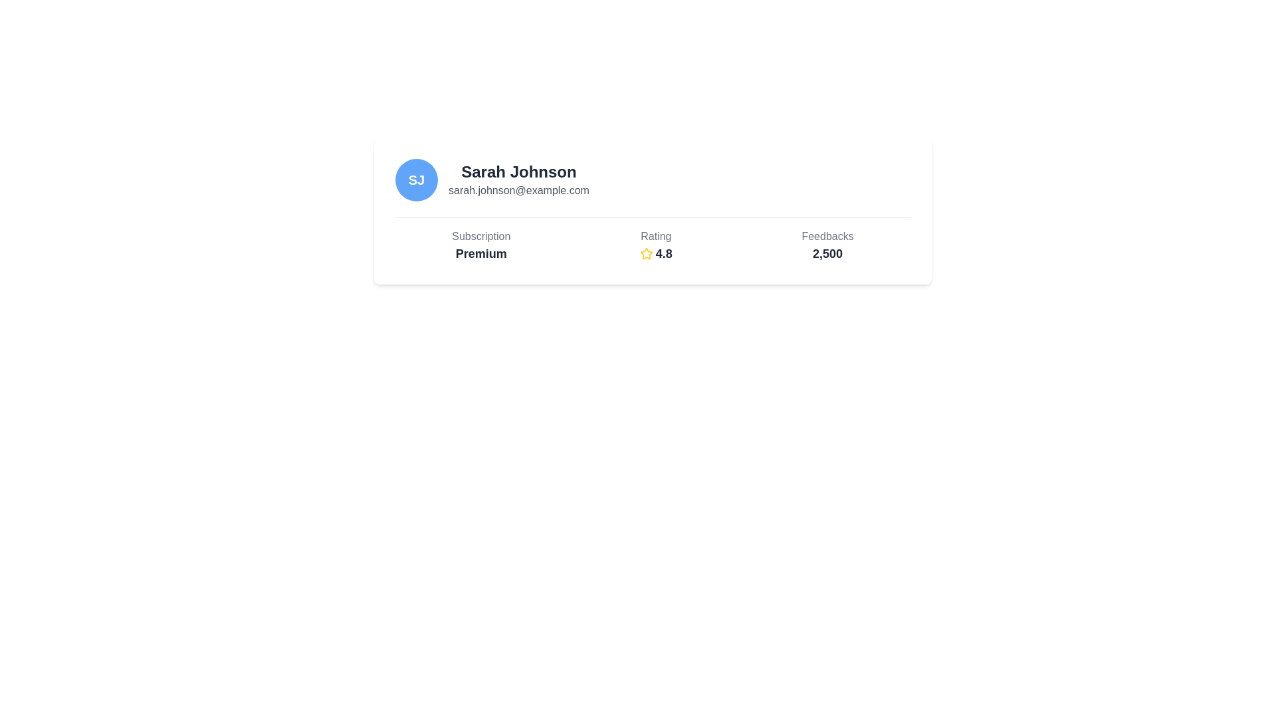 Image resolution: width=1276 pixels, height=718 pixels. What do you see at coordinates (664, 253) in the screenshot?
I see `the text label displaying the numeric rating '4.8' in bold font, located to the right of a star icon in the 'Rating' section of the user information card` at bounding box center [664, 253].